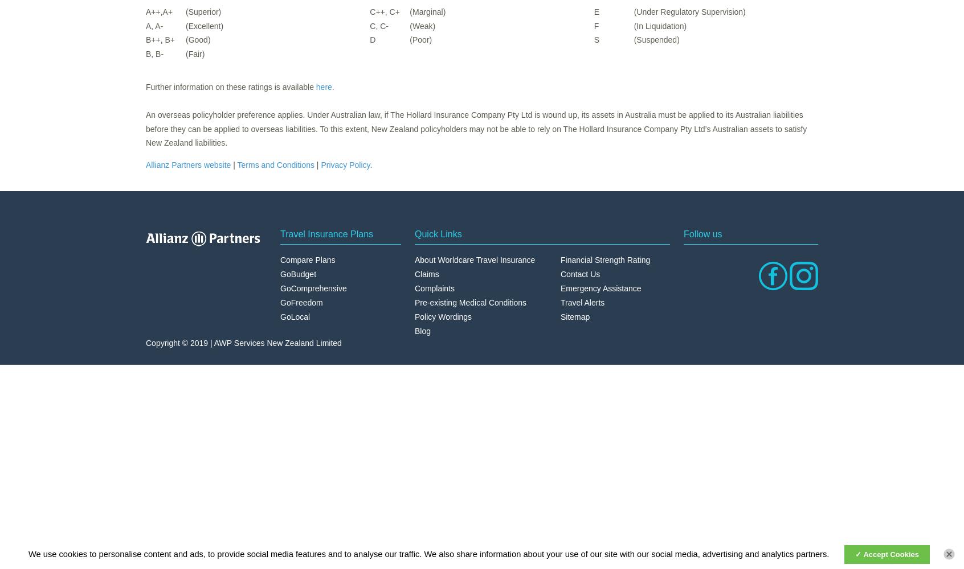 The image size is (964, 569). I want to click on '(Superior)', so click(203, 12).